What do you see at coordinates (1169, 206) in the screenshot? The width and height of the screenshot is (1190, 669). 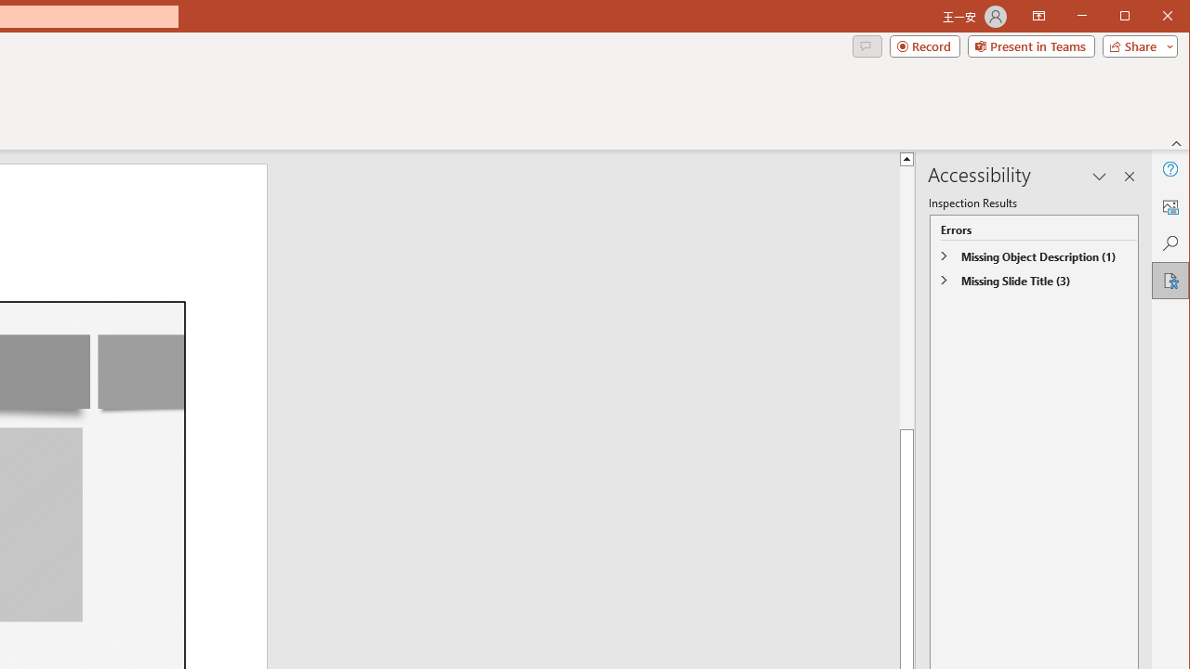 I see `'Alt Text'` at bounding box center [1169, 206].